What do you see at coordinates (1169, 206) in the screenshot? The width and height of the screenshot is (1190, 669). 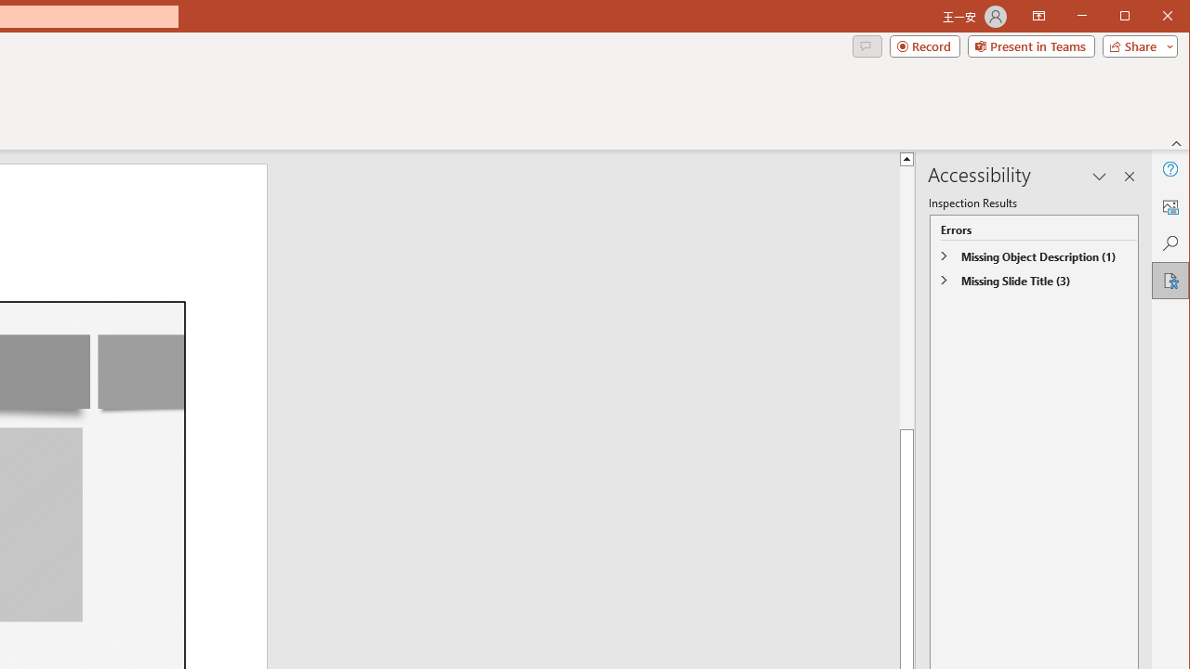 I see `'Alt Text'` at bounding box center [1169, 206].